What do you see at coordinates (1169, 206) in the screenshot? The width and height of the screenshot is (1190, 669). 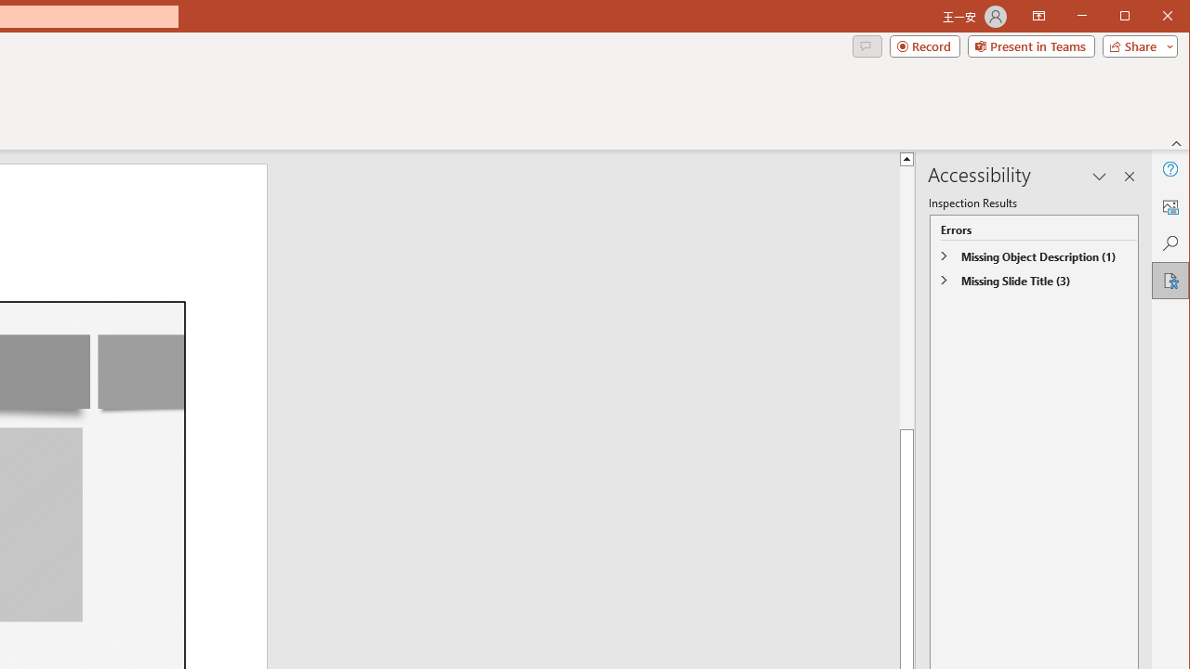 I see `'Alt Text'` at bounding box center [1169, 206].